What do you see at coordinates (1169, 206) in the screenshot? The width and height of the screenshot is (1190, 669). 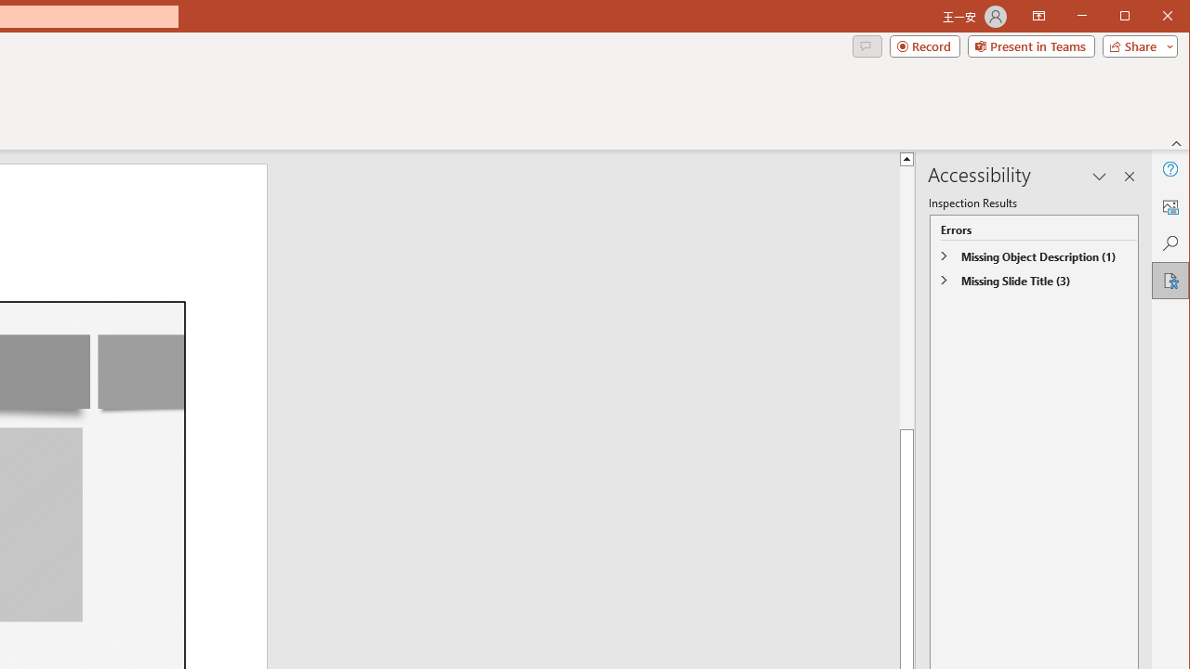 I see `'Alt Text'` at bounding box center [1169, 206].